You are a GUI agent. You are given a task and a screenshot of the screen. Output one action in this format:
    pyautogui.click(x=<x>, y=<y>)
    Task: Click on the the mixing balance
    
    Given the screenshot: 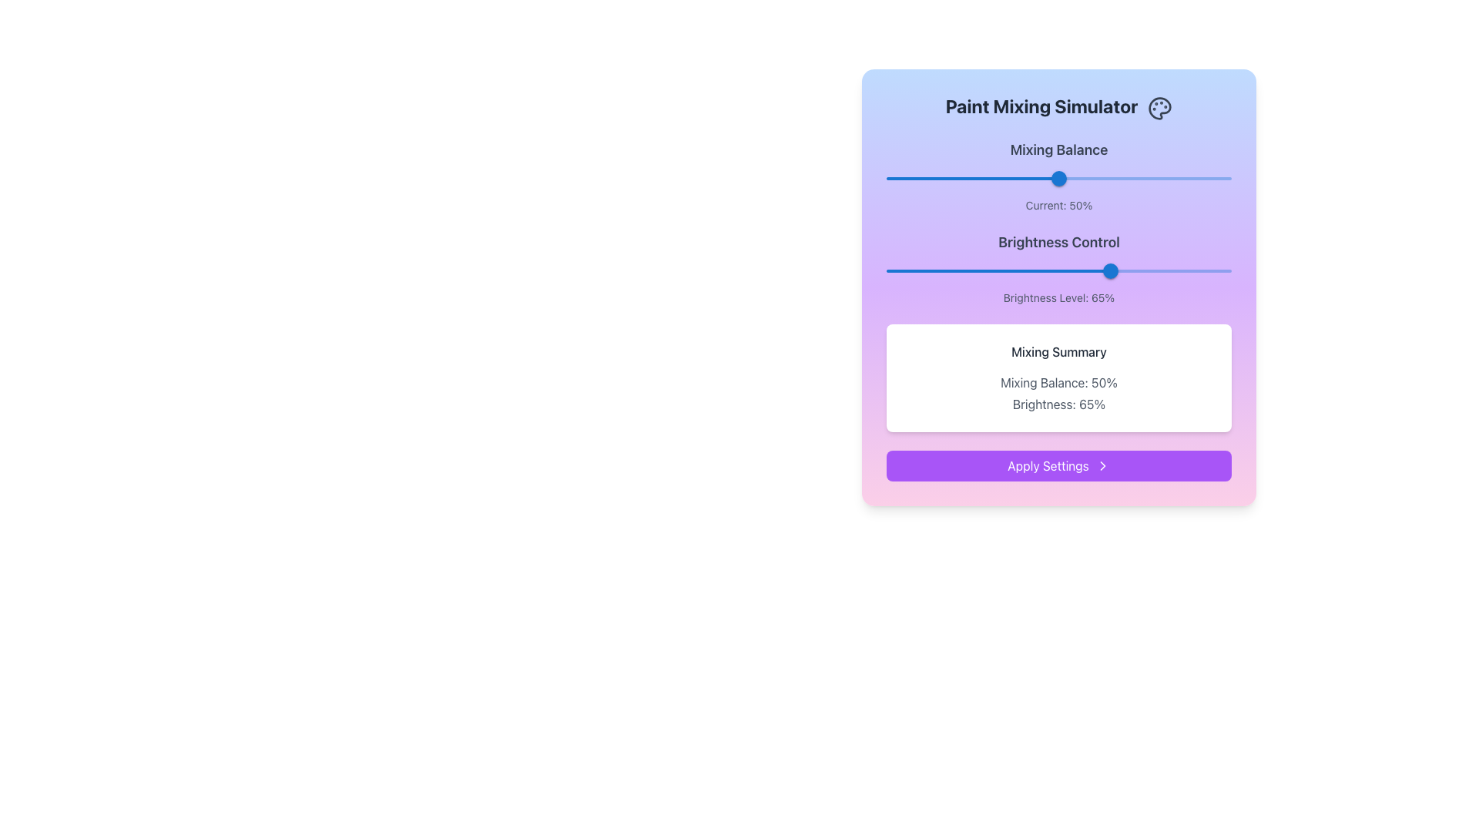 What is the action you would take?
    pyautogui.click(x=1058, y=177)
    